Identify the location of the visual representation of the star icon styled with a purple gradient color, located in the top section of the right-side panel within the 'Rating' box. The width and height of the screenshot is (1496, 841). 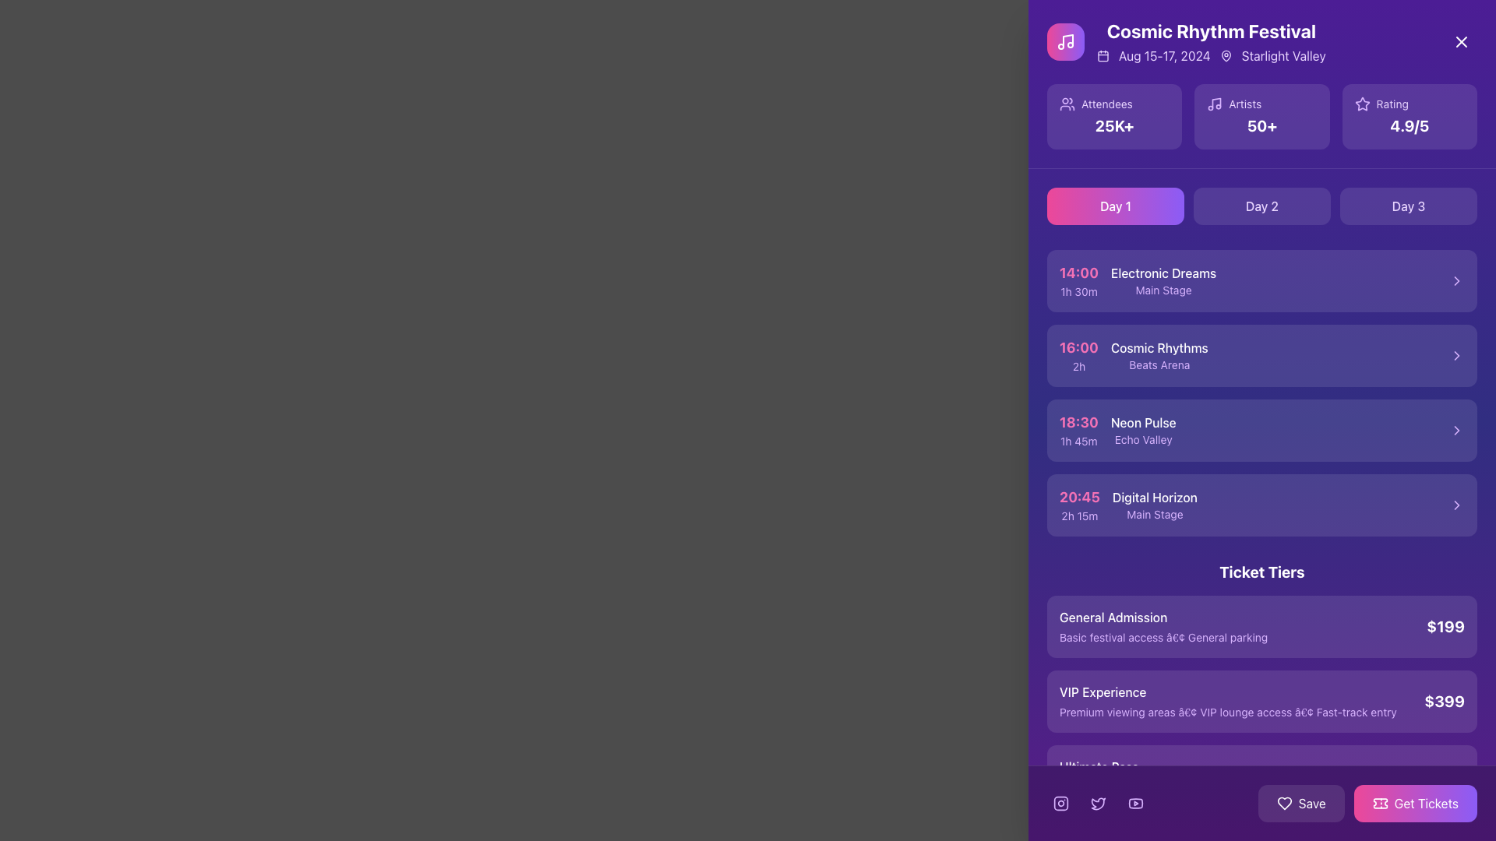
(1361, 104).